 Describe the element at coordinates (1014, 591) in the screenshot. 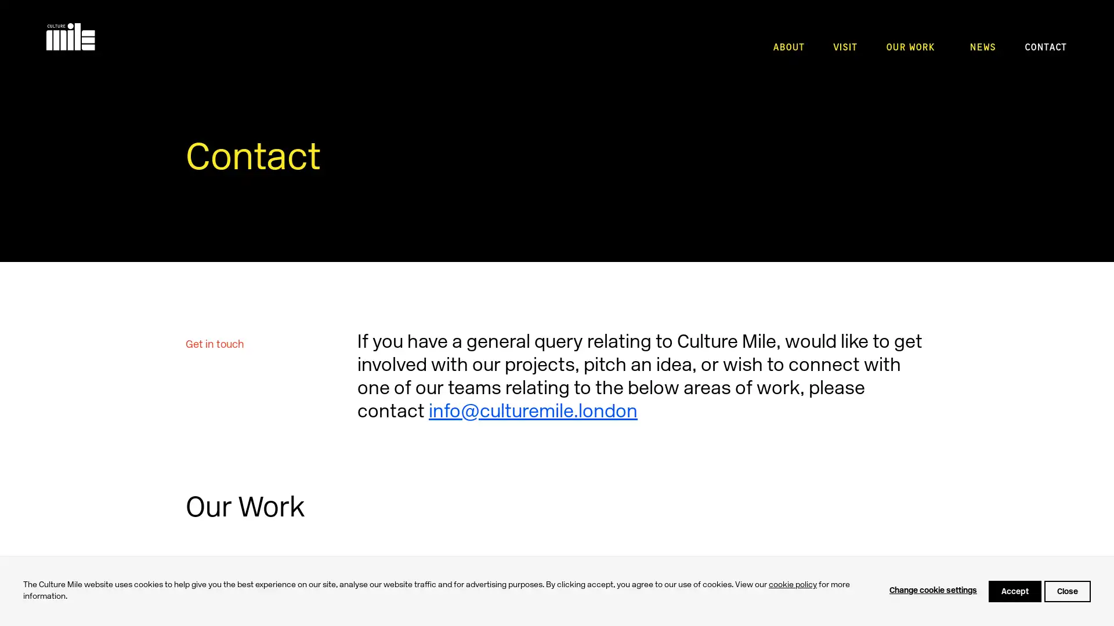

I see `Accept` at that location.